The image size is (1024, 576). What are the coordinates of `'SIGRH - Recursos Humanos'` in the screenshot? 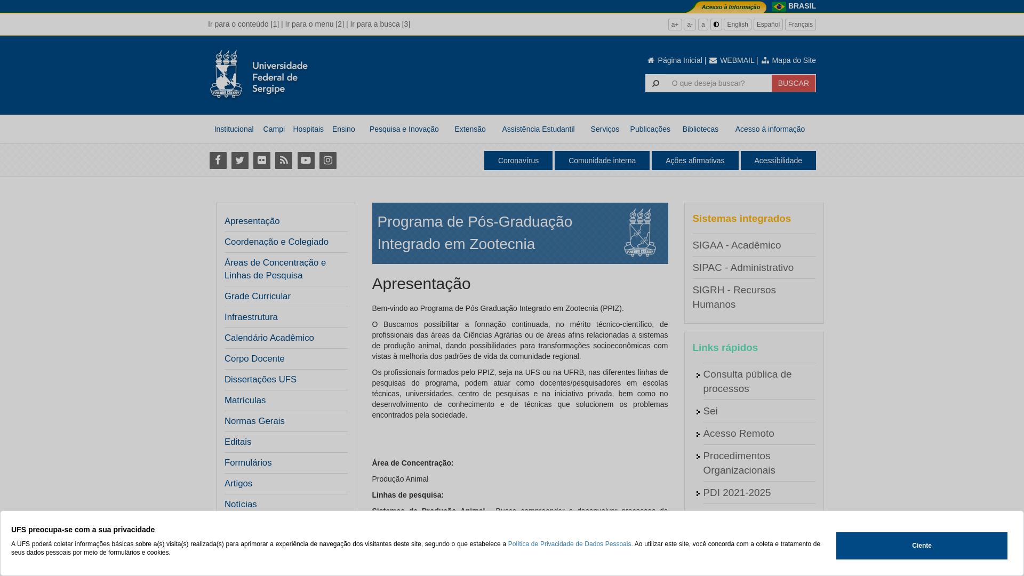 It's located at (733, 297).